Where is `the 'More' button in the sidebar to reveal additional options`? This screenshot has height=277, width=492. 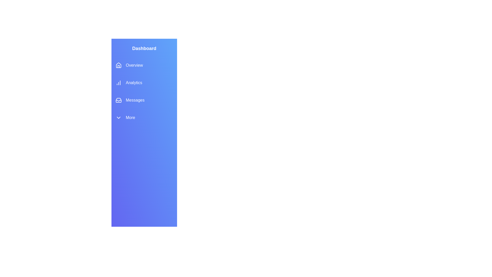 the 'More' button in the sidebar to reveal additional options is located at coordinates (144, 118).